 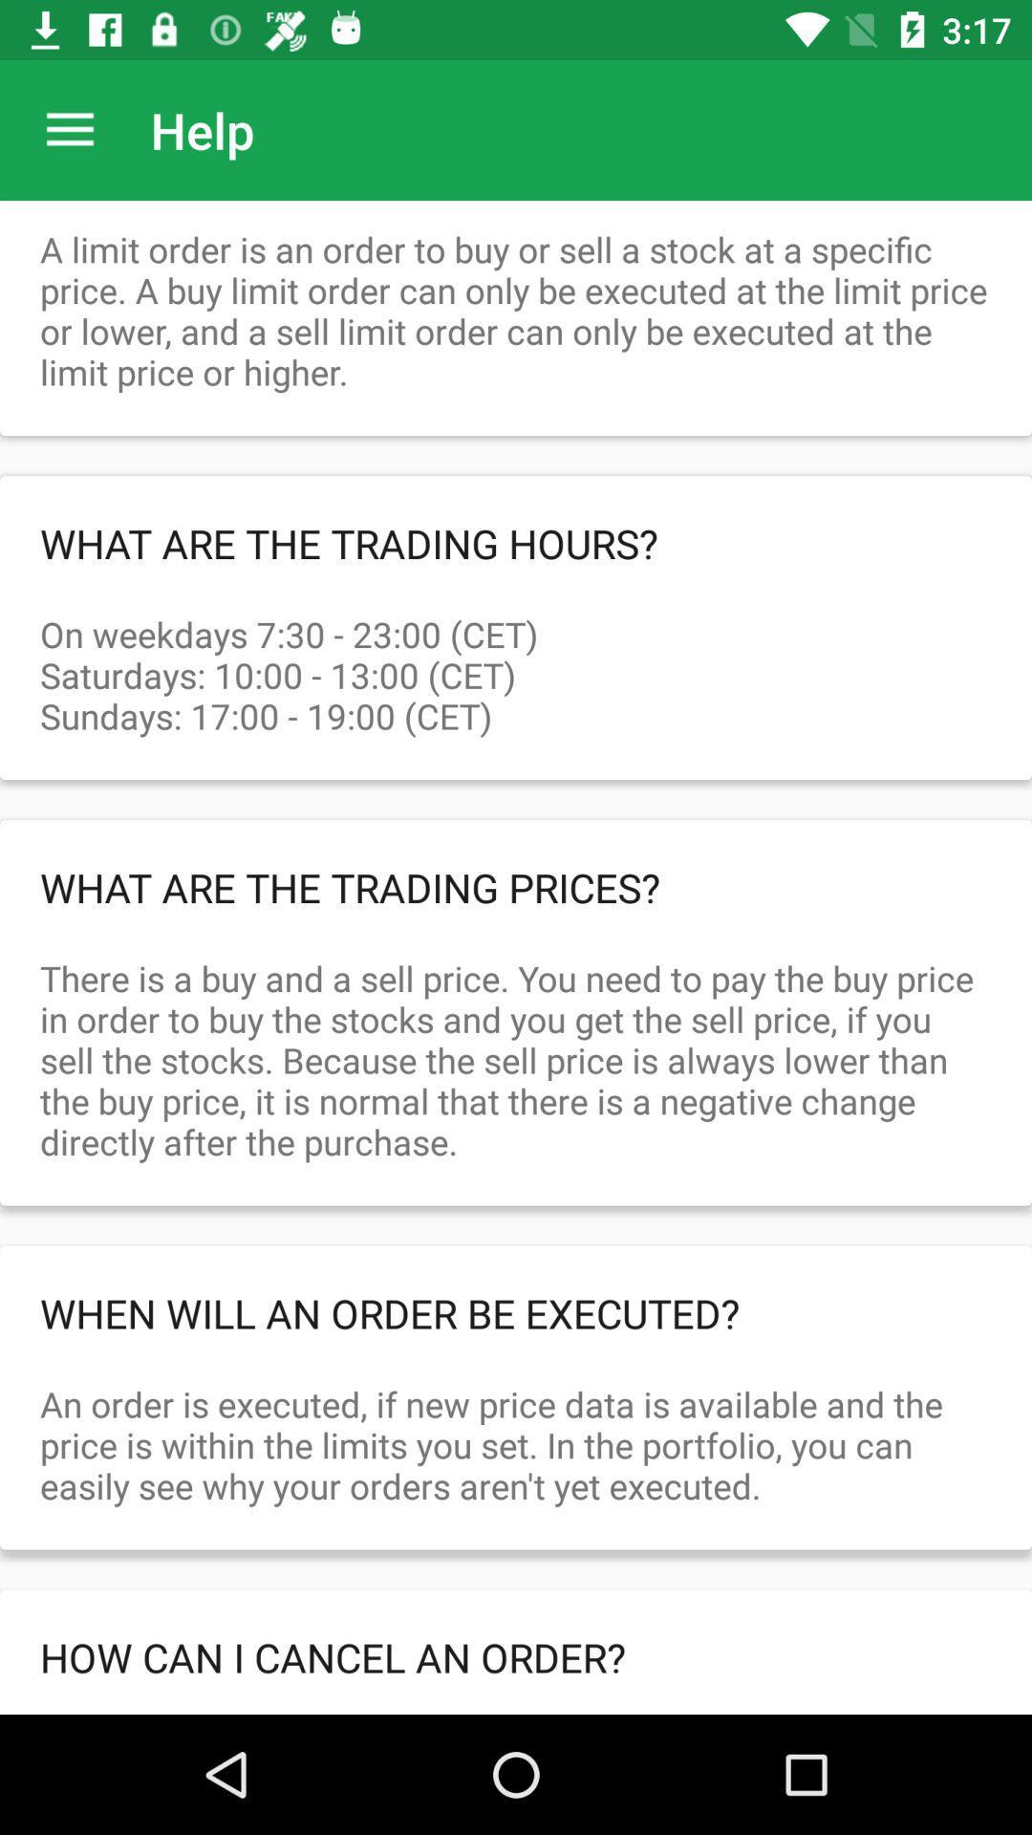 I want to click on item above the tap the order icon, so click(x=516, y=1655).